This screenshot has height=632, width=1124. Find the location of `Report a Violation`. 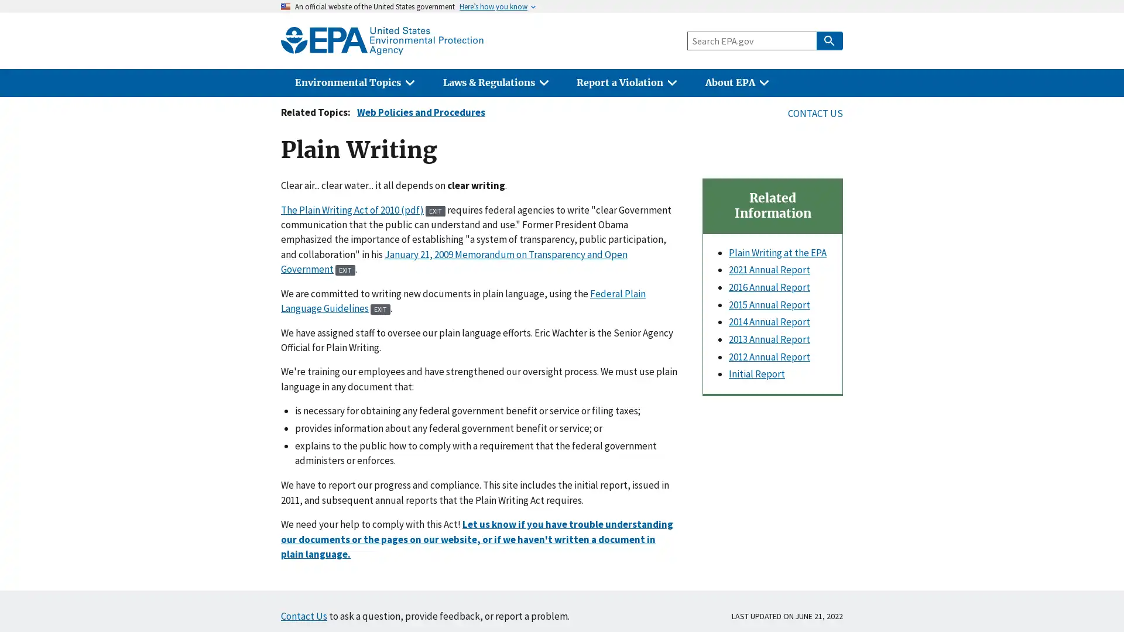

Report a Violation is located at coordinates (626, 83).